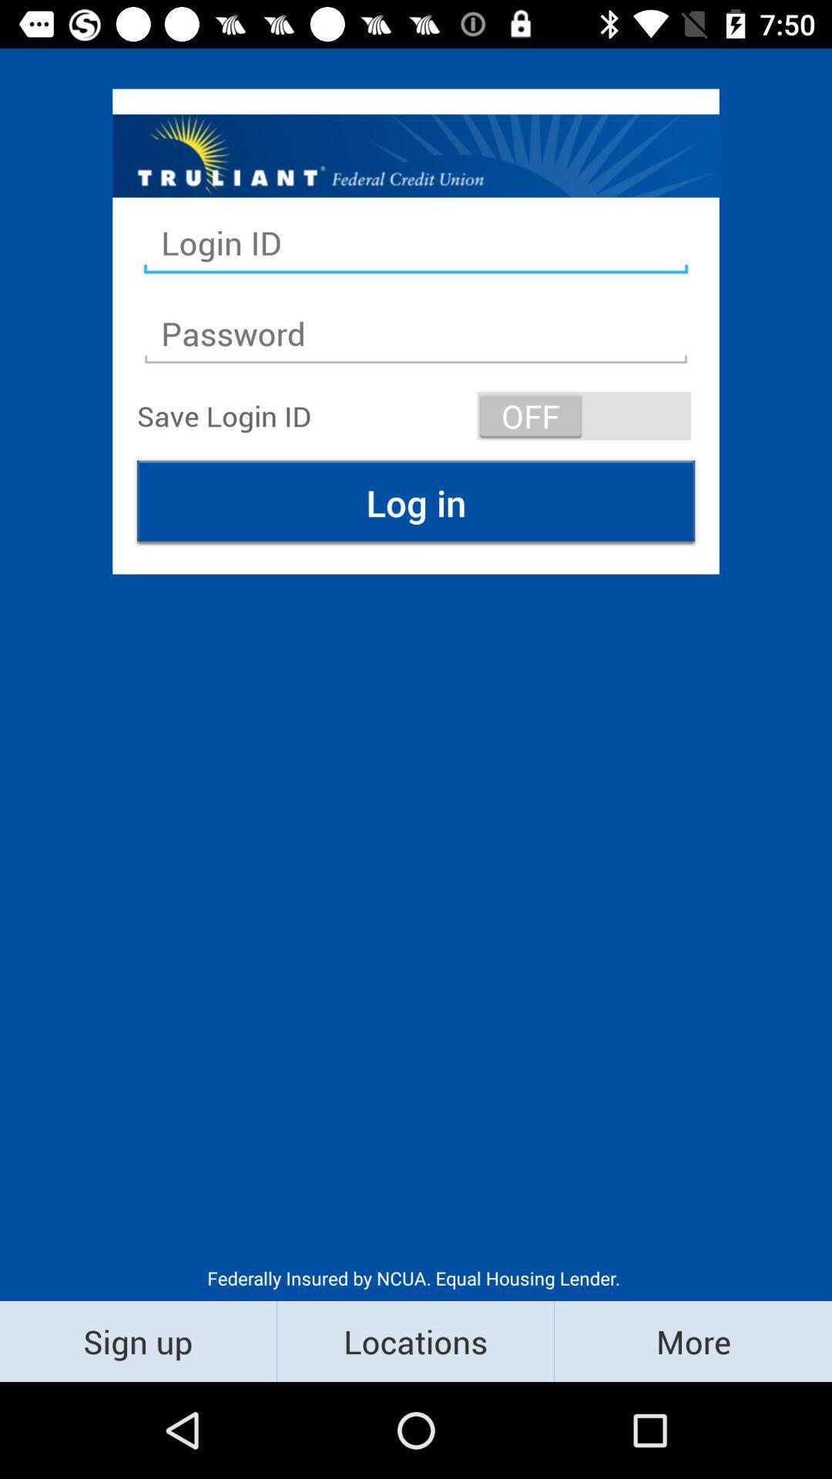 This screenshot has width=832, height=1479. What do you see at coordinates (692, 1340) in the screenshot?
I see `the item next to the locations icon` at bounding box center [692, 1340].